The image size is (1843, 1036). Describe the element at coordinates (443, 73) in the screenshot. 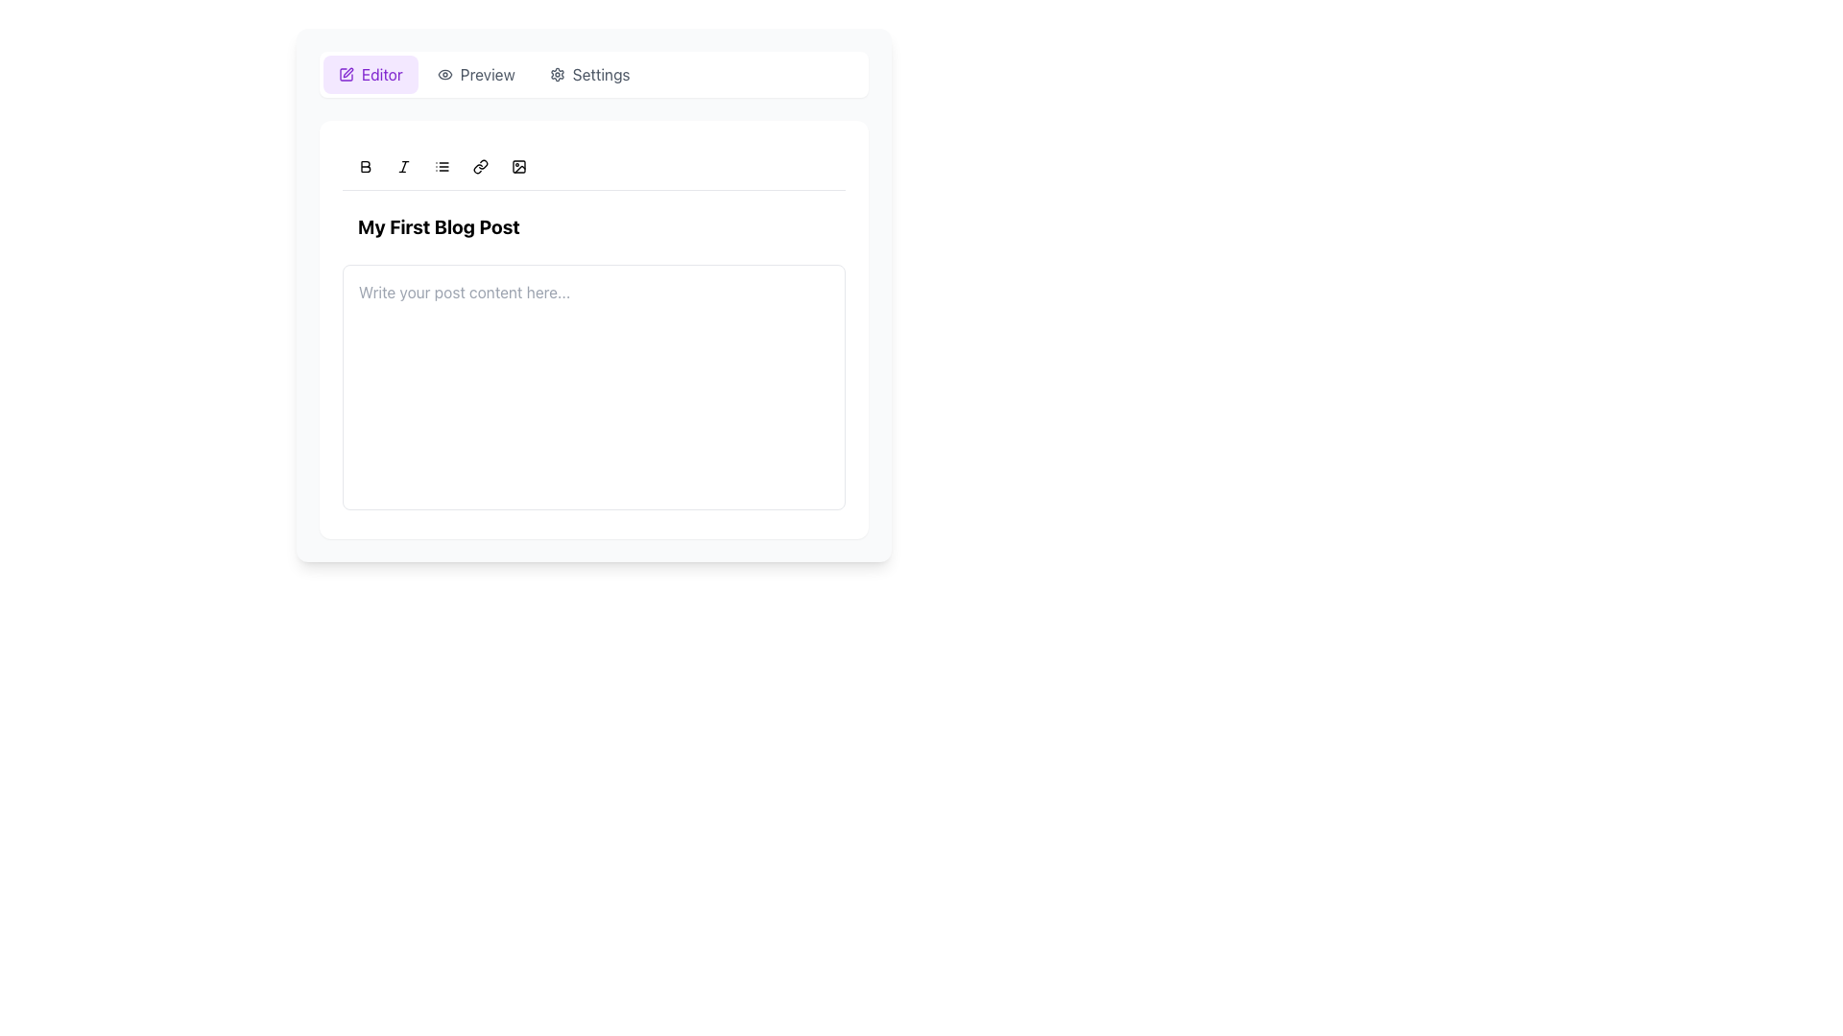

I see `the preview icon located to the left of the 'Preview' label in the toolbar at the top of the page` at that location.